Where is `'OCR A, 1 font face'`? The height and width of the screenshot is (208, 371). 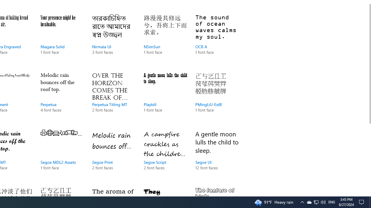
'OCR A, 1 font face' is located at coordinates (217, 40).